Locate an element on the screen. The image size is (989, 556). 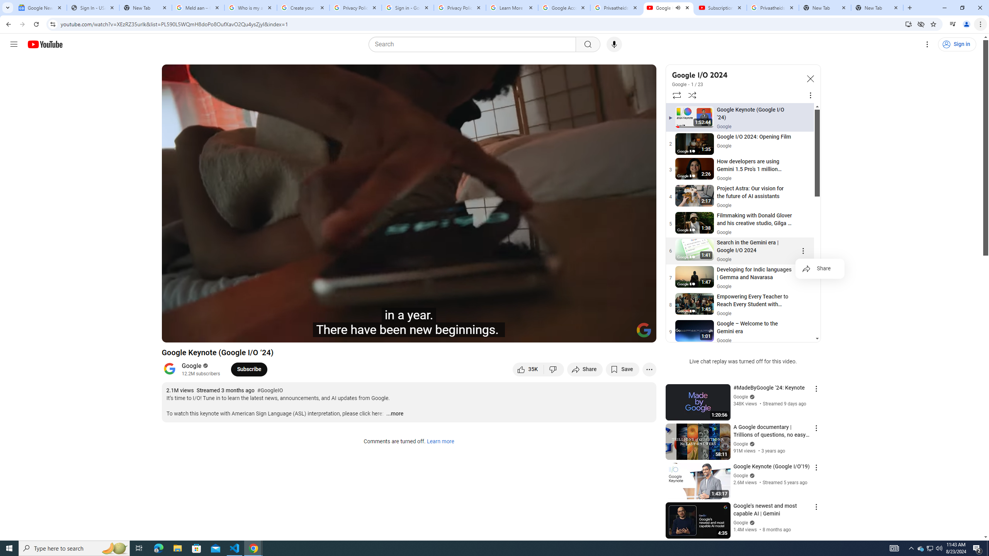
'Mute (m)' is located at coordinates (230, 333).